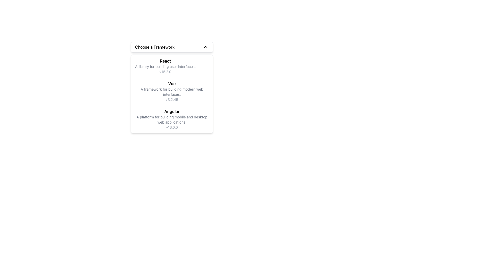  What do you see at coordinates (172, 83) in the screenshot?
I see `the text element displaying 'Vue', which is a bold title in a larger font size located near the center of a vertical list of frameworks under the heading 'Choose a Framework'` at bounding box center [172, 83].